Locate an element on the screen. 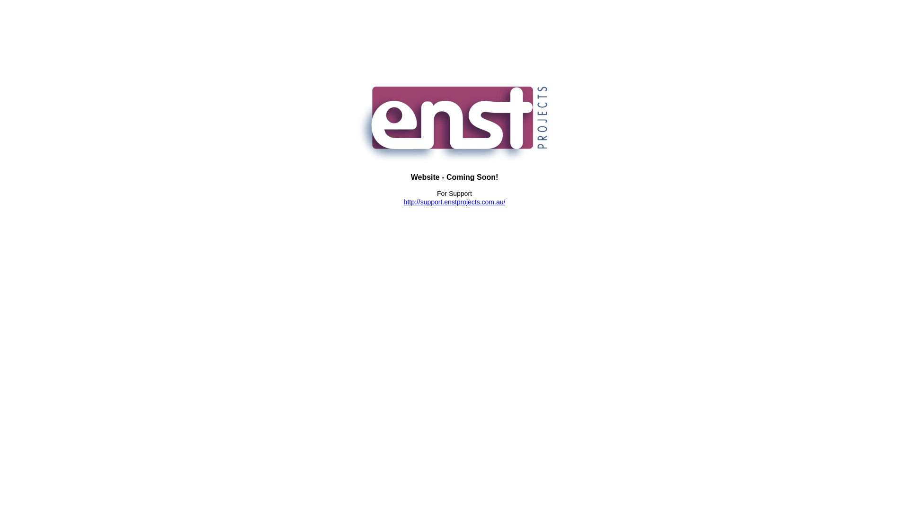 This screenshot has height=511, width=909. 'http://support.enstprojects.com.au/' is located at coordinates (404, 202).